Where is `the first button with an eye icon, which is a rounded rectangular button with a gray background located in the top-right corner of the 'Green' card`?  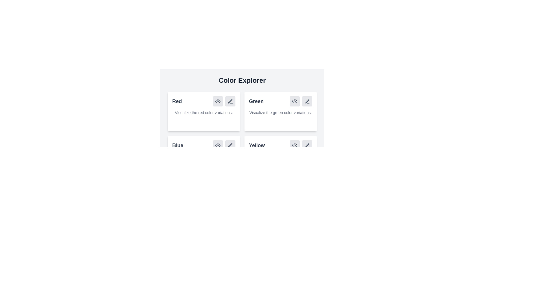
the first button with an eye icon, which is a rounded rectangular button with a gray background located in the top-right corner of the 'Green' card is located at coordinates (294, 101).